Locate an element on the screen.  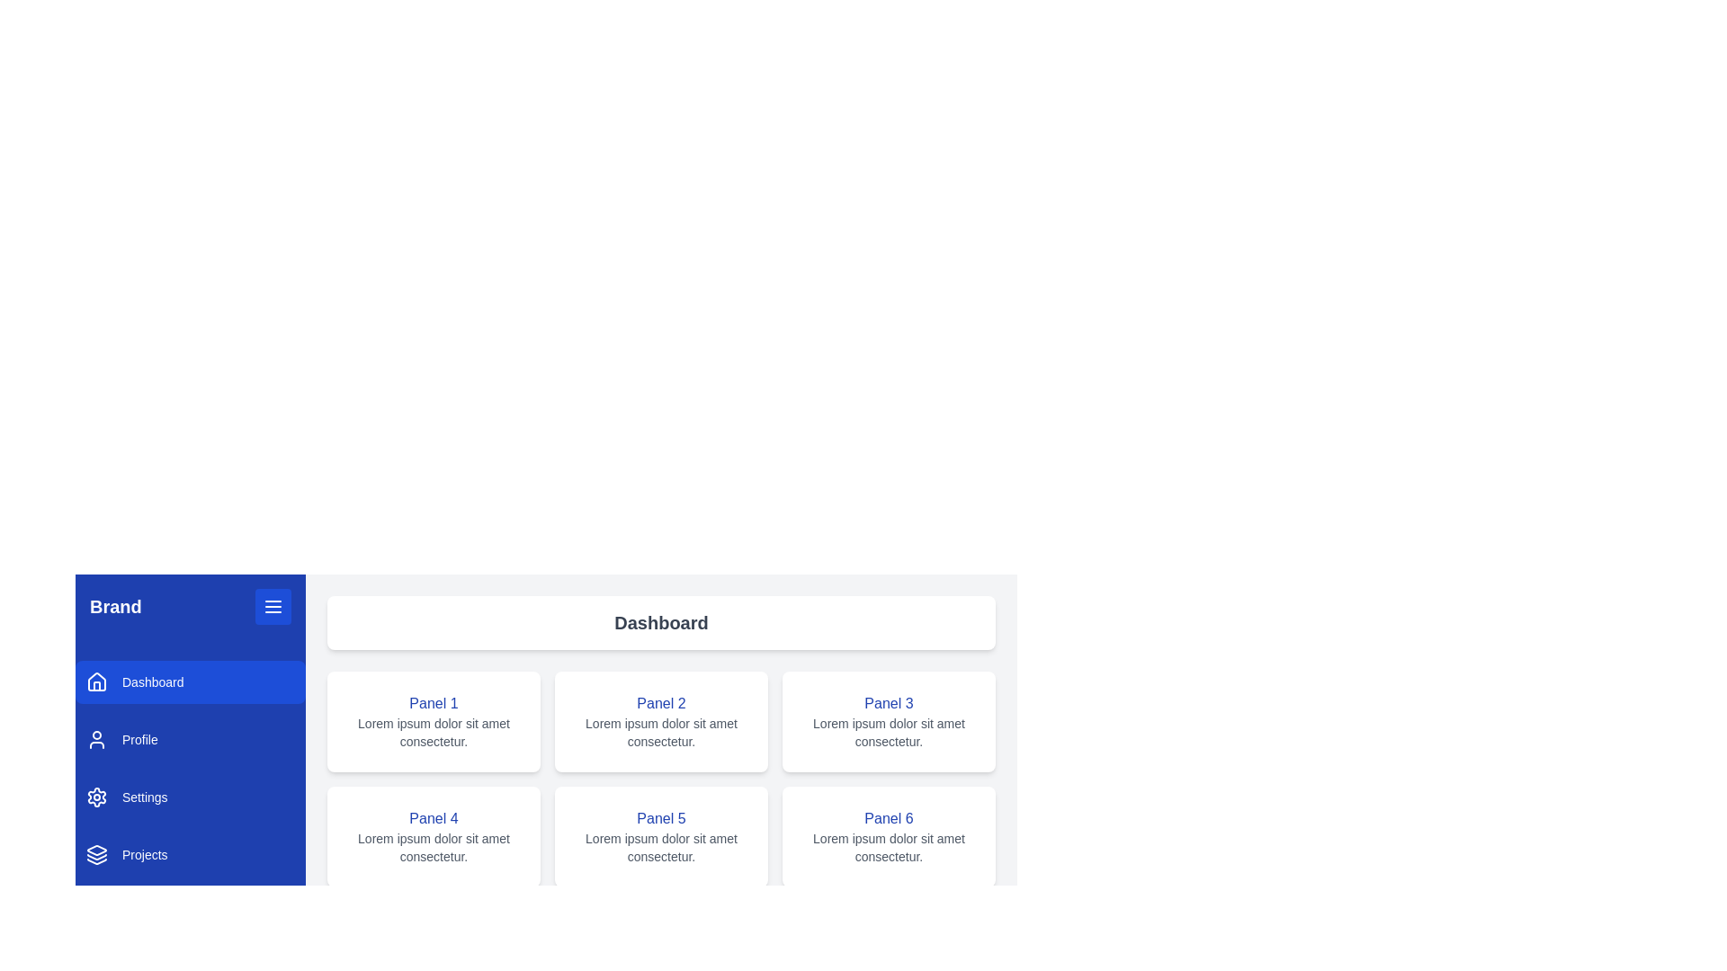
the 'Dashboard' navigation button in the left vertical navigation bar, which contains the text label indicating it navigates to the dashboard page is located at coordinates (153, 682).